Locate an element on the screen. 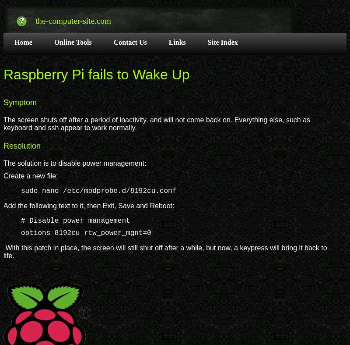 The width and height of the screenshot is (350, 345). 'Add the following text to it, then Exit, Save and Reboot:' is located at coordinates (88, 205).